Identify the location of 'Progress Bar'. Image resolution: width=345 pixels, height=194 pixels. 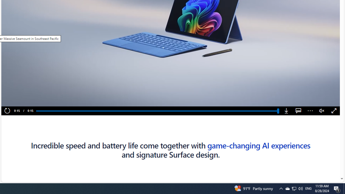
(157, 110).